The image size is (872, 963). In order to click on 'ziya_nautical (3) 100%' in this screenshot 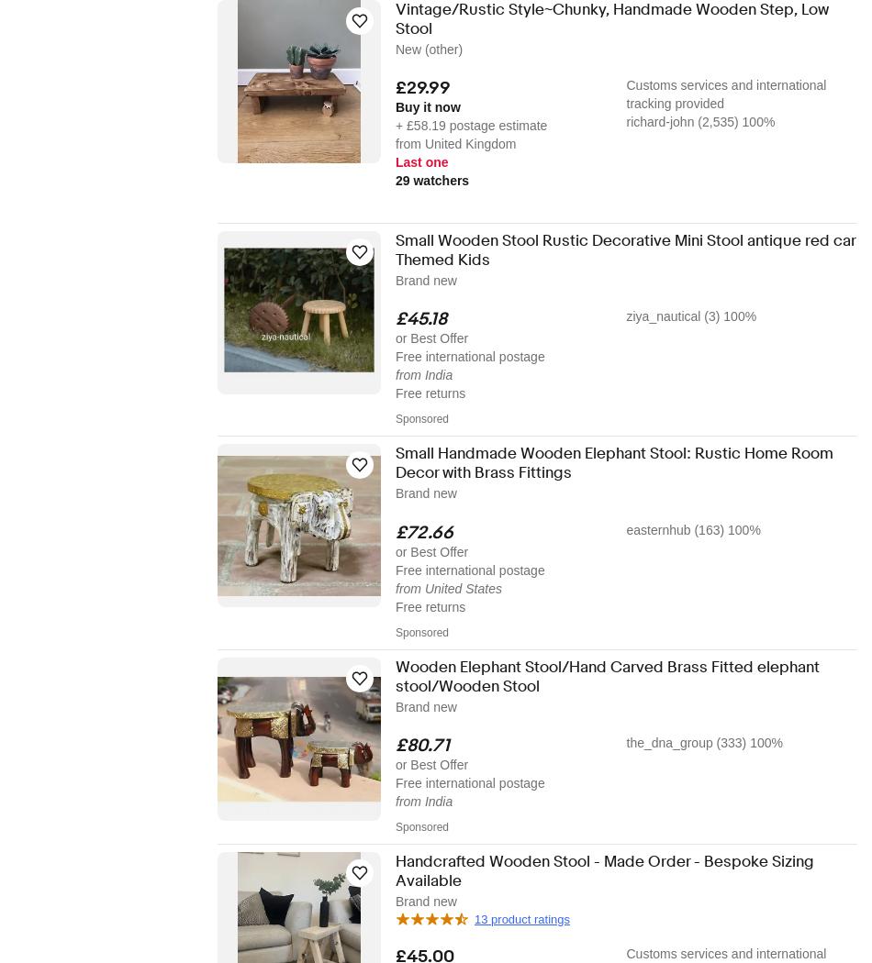, I will do `click(689, 315)`.